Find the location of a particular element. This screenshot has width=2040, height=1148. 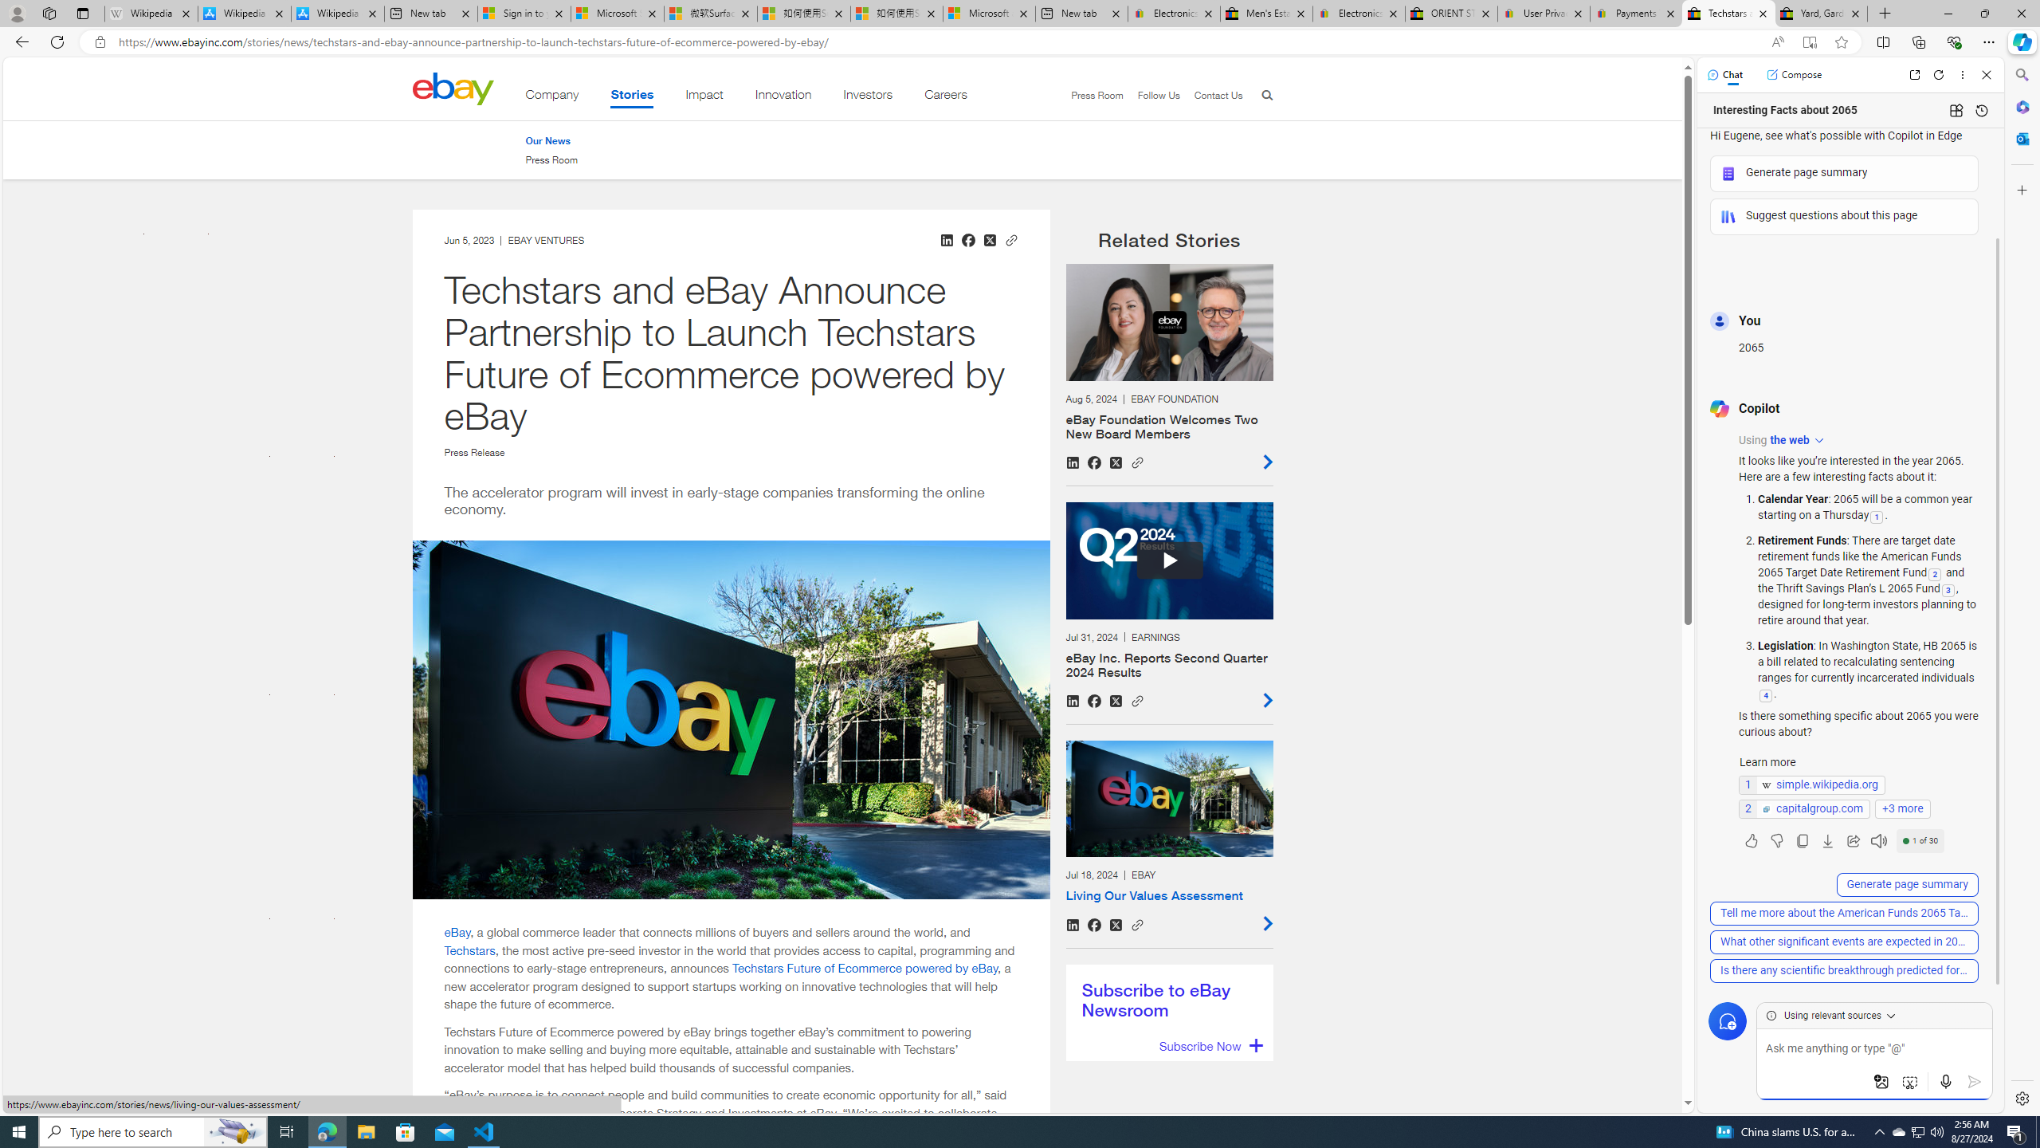

'Techstars' is located at coordinates (470, 949).